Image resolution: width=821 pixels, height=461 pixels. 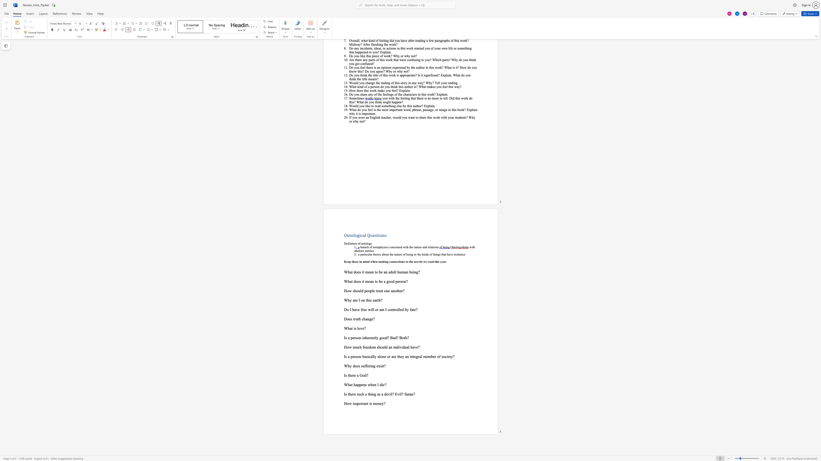 I want to click on the 2th character "s" in the text, so click(x=358, y=394).